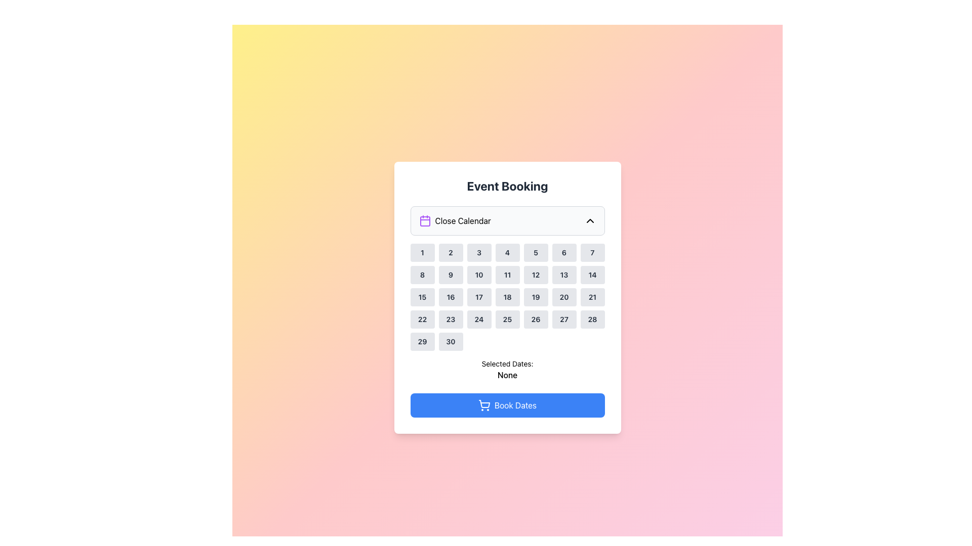 This screenshot has height=546, width=972. Describe the element at coordinates (563, 296) in the screenshot. I see `the selectable day button in the calendar view located in the third row and seventh column of the grid` at that location.